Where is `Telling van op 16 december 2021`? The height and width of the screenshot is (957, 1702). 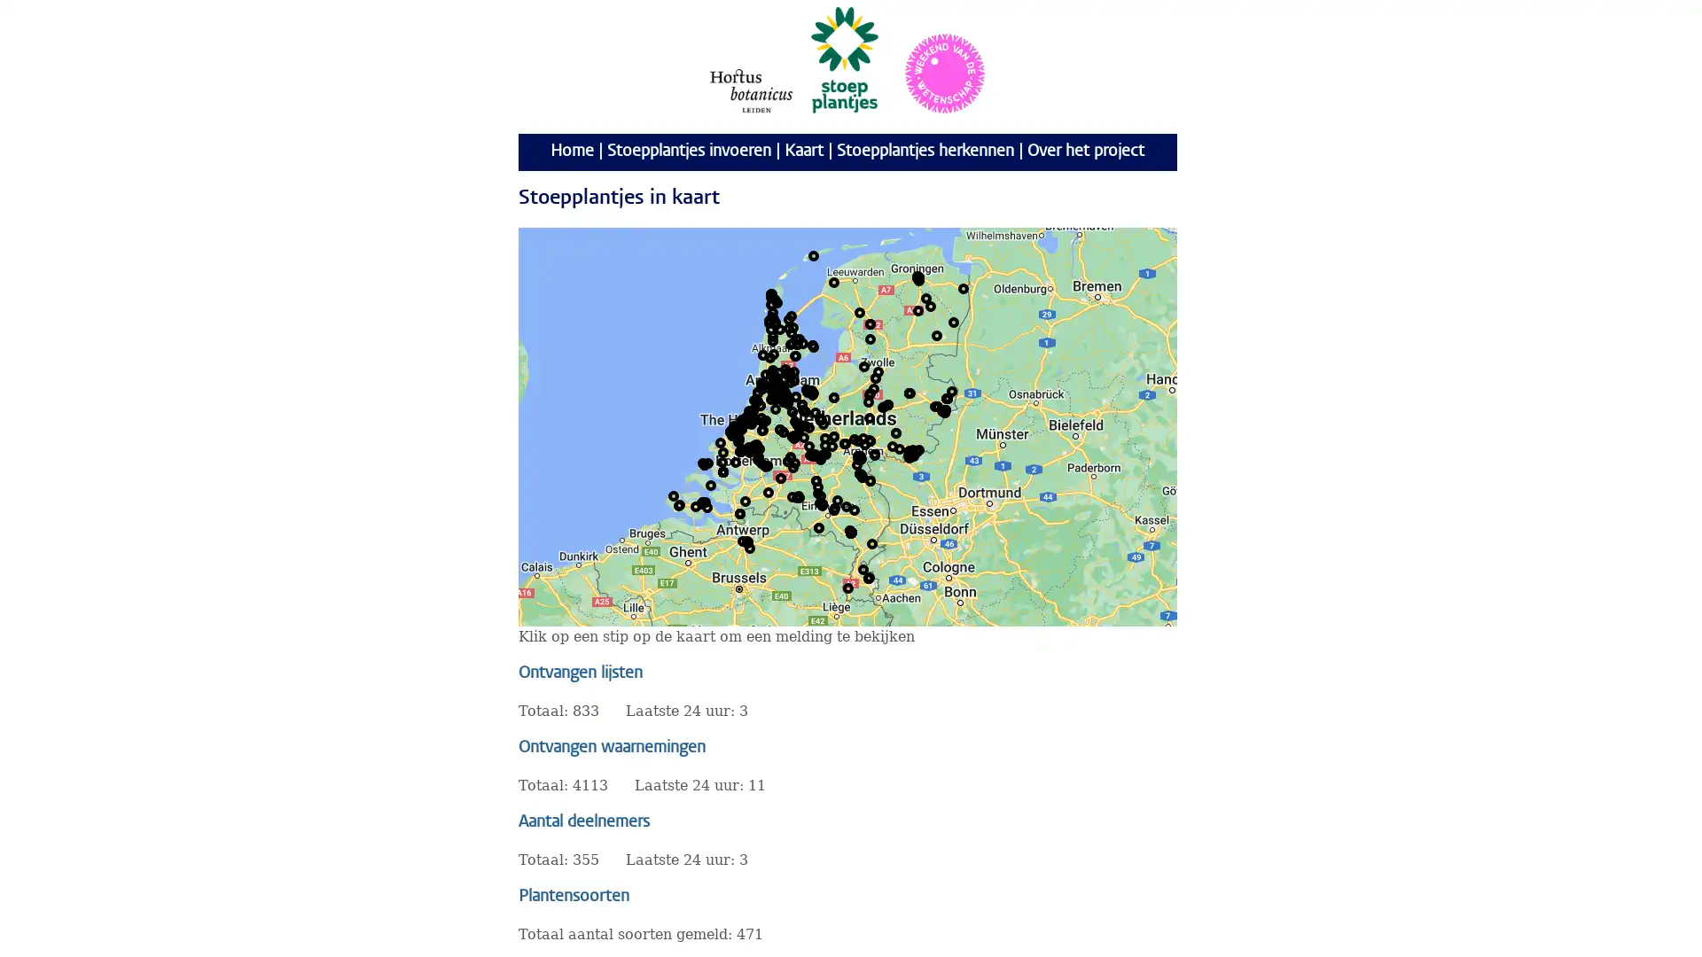
Telling van op 16 december 2021 is located at coordinates (757, 401).